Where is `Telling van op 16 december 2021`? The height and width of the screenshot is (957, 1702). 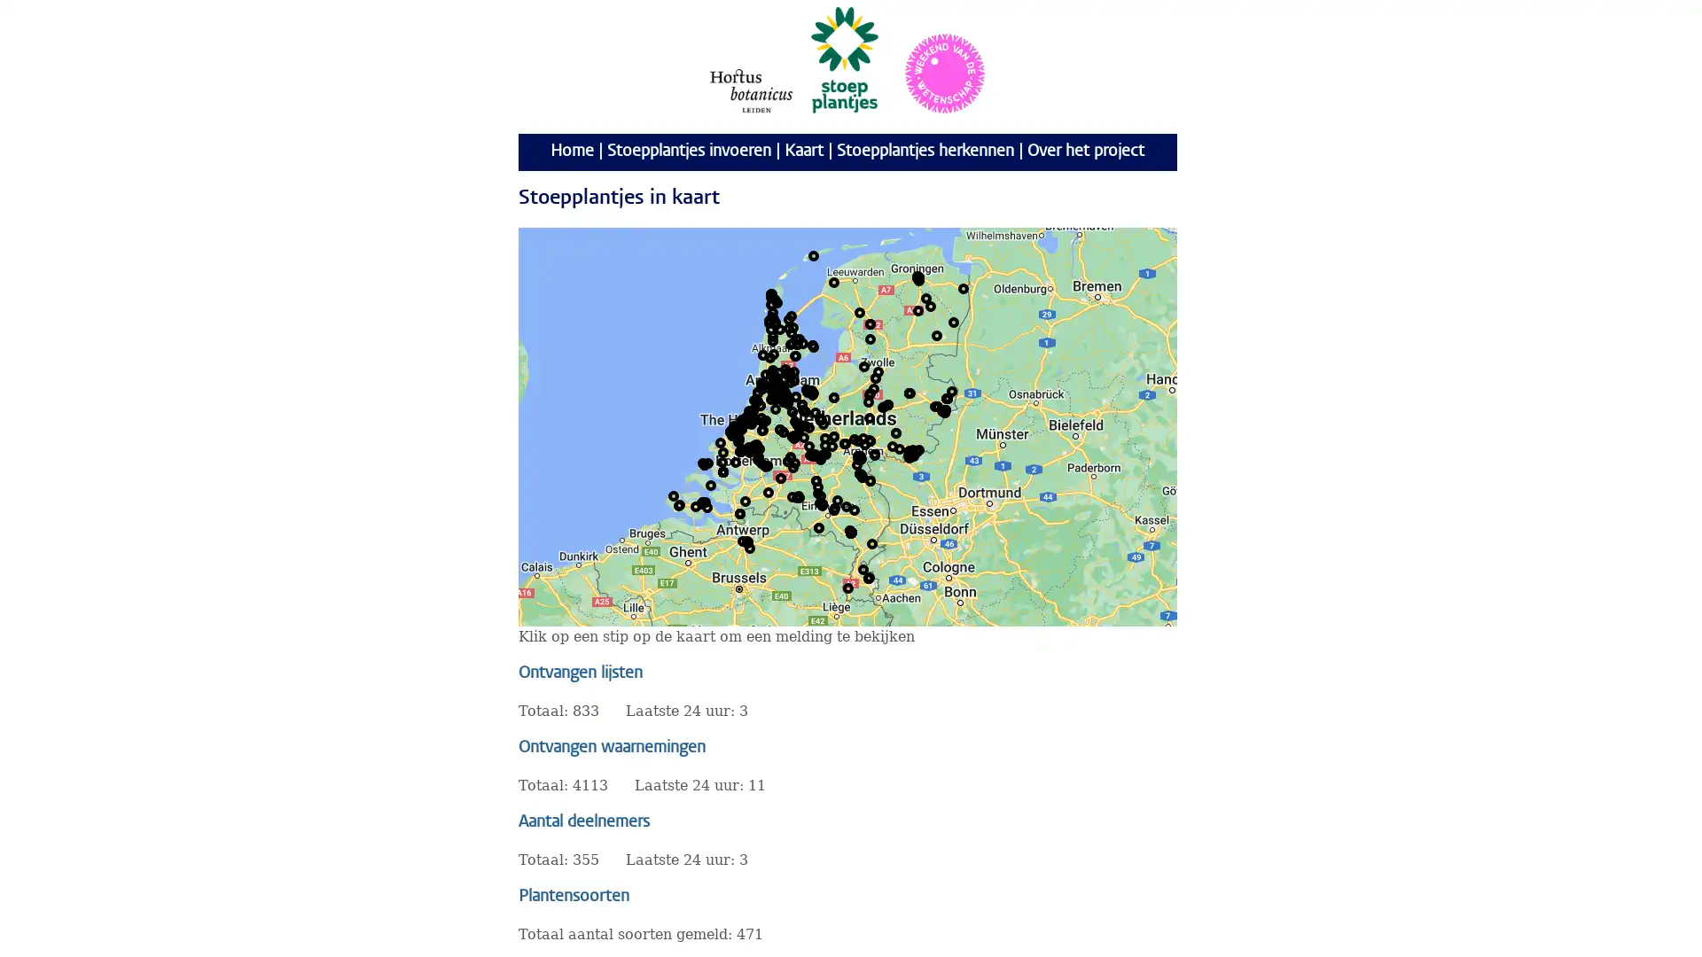
Telling van op 16 december 2021 is located at coordinates (757, 401).